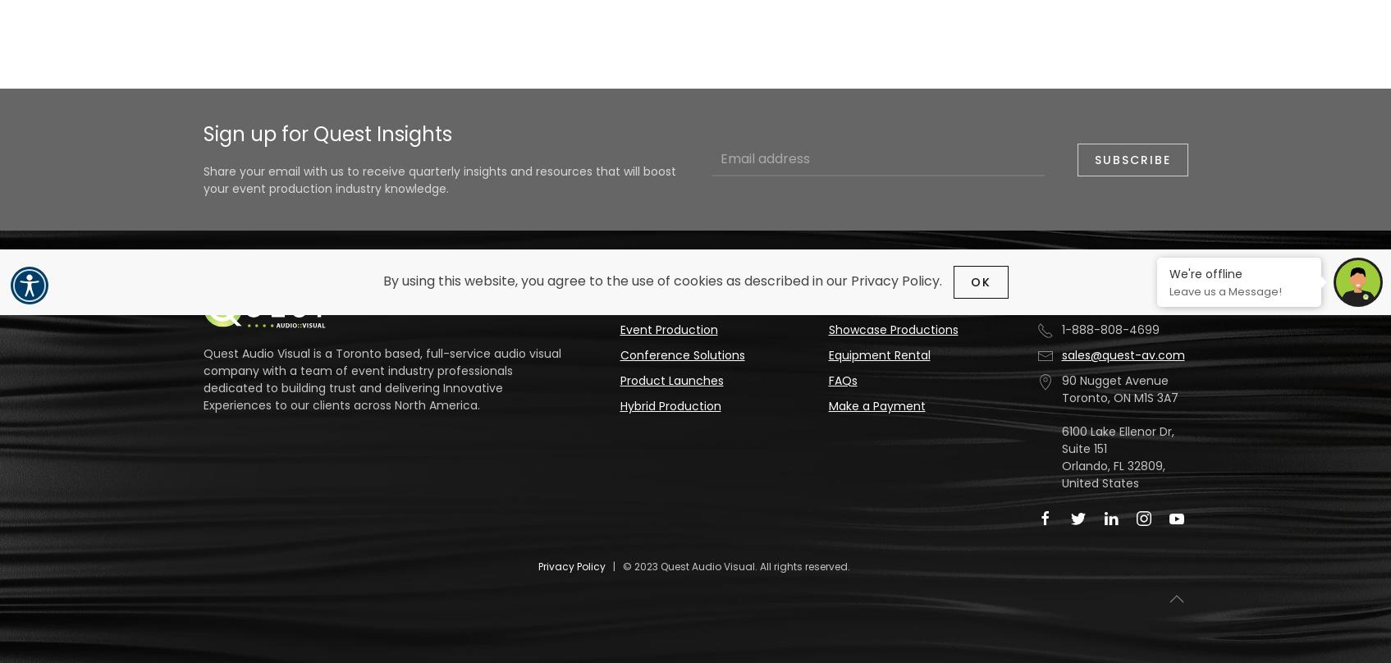  Describe the element at coordinates (380, 379) in the screenshot. I see `'Quest Audio Visual is a Toronto based, full-service audio visual company with a team of event industry professionals dedicated to building trust and delivering Innovative Experiences to our clients across North America.'` at that location.